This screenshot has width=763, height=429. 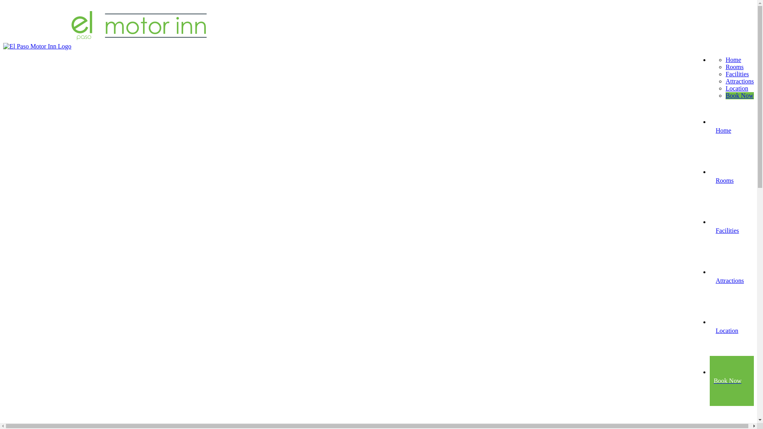 What do you see at coordinates (731, 130) in the screenshot?
I see `'Home'` at bounding box center [731, 130].